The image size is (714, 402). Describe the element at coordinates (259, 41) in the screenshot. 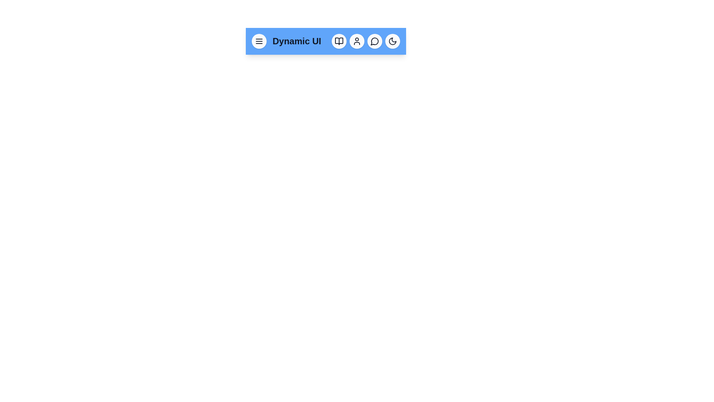

I see `the menu button to open the menu` at that location.